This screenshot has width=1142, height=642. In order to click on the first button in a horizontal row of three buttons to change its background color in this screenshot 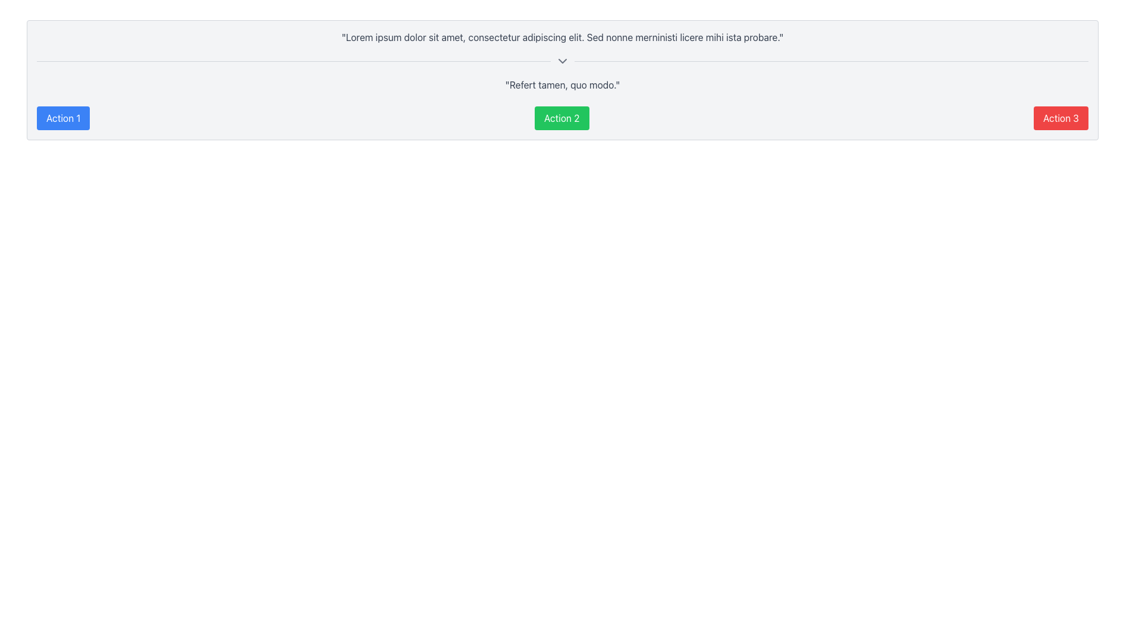, I will do `click(62, 118)`.